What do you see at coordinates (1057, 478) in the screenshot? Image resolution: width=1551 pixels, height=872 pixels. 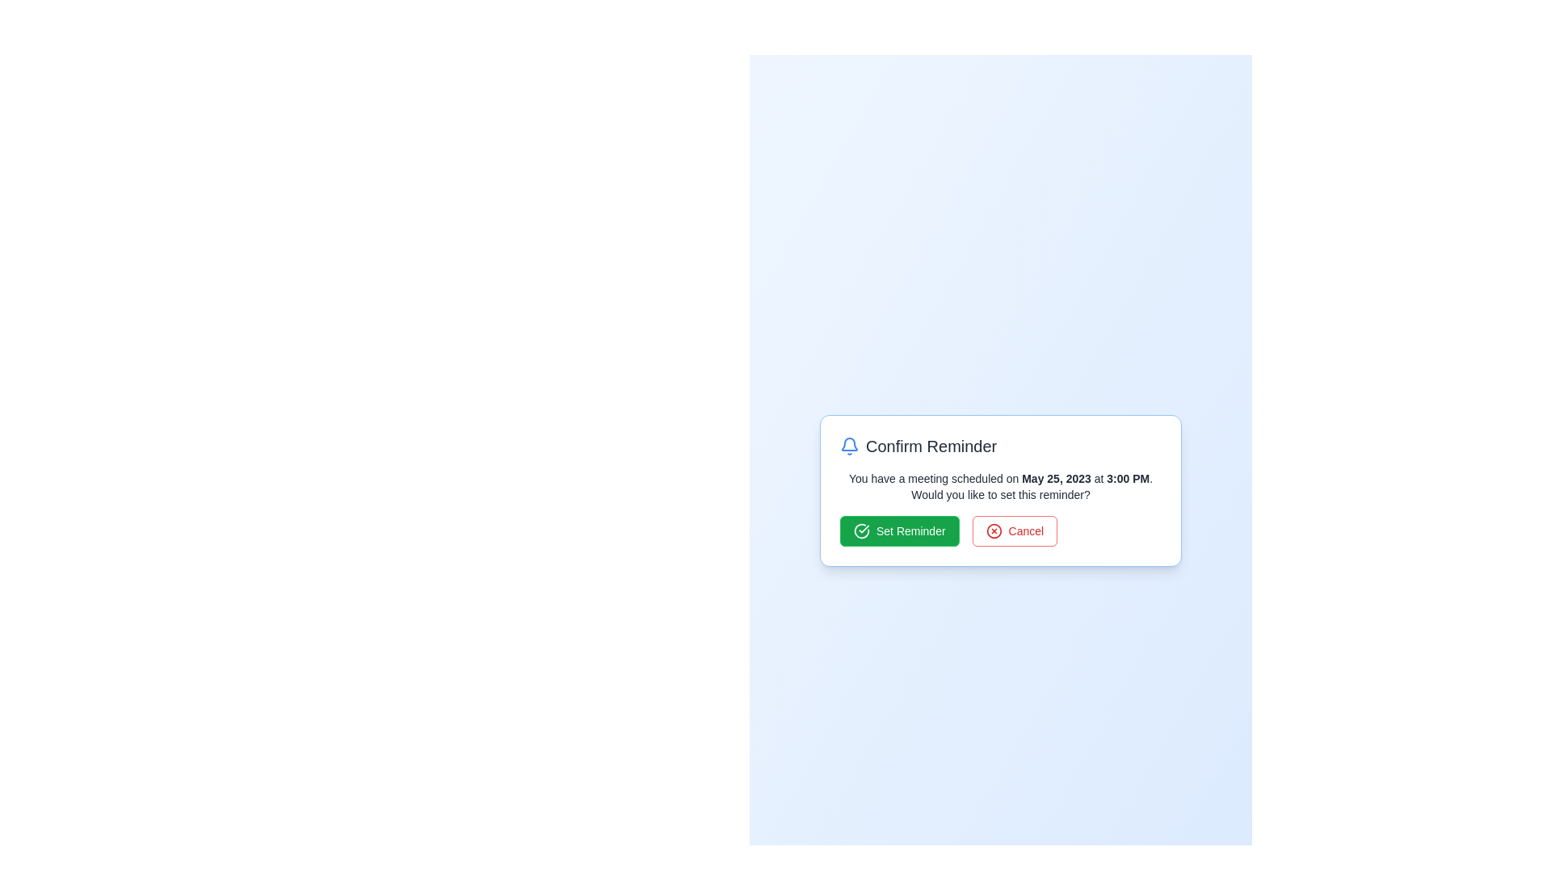 I see `the bold text displaying 'May 25, 2023' within the sentence about the meeting reminder` at bounding box center [1057, 478].